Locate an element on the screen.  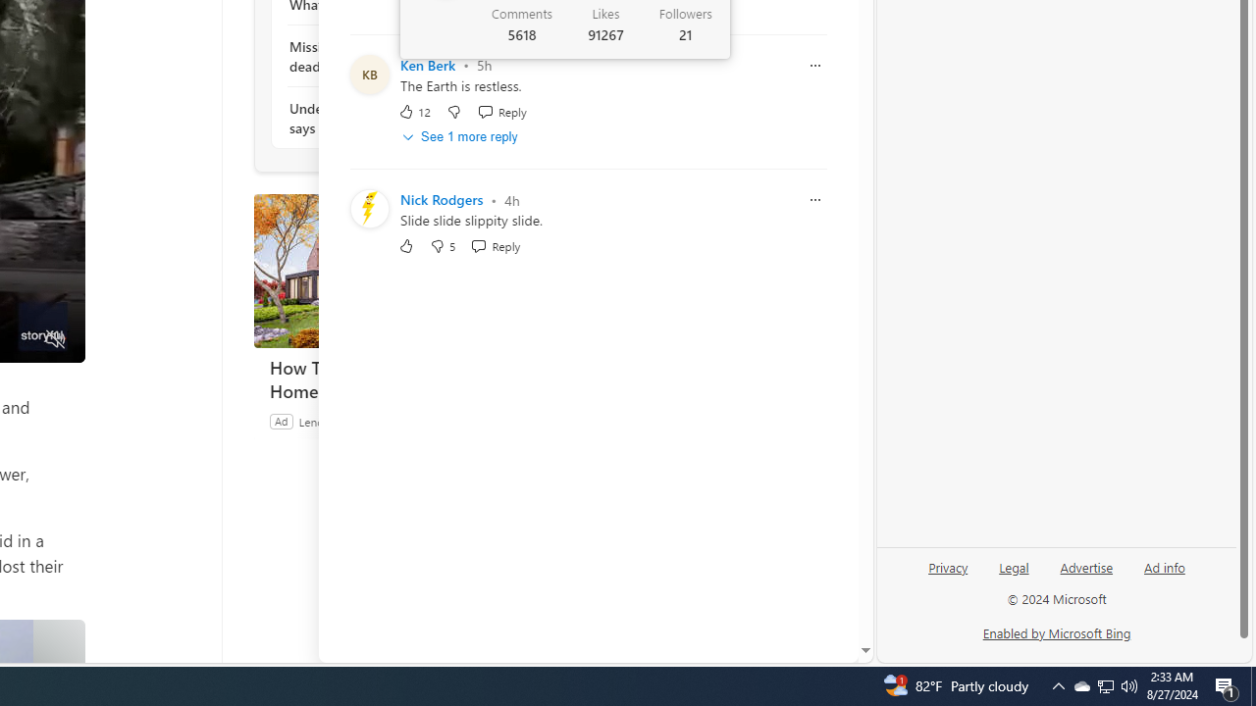
'12 Like' is located at coordinates (413, 111).